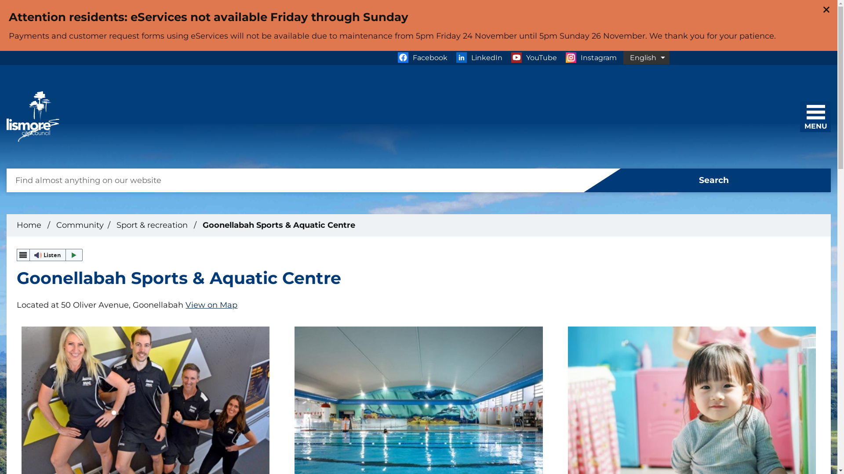  I want to click on 'Facebook', so click(422, 57).